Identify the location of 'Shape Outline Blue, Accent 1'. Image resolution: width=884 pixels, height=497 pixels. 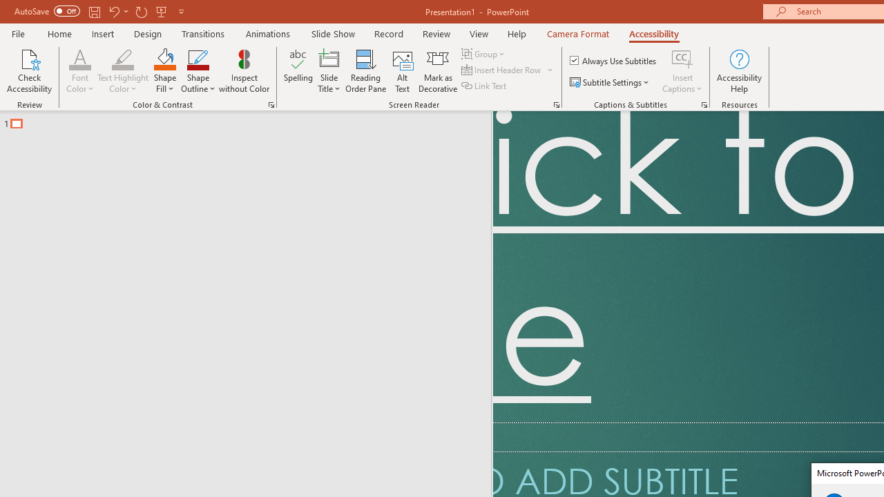
(198, 58).